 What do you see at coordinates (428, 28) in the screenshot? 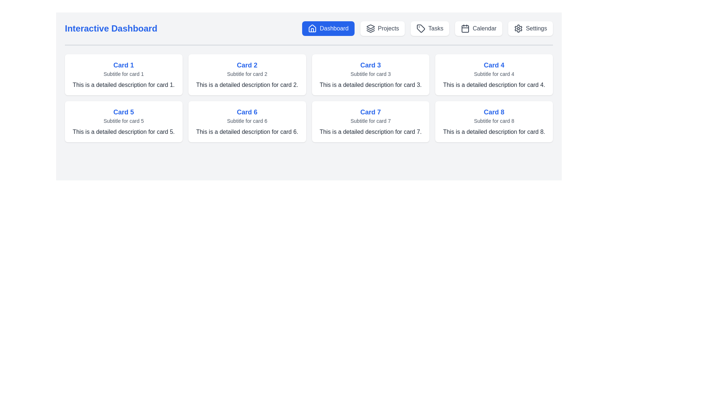
I see `the 'Tasks' navigation button, which is the third item in the horizontal navigation bar` at bounding box center [428, 28].